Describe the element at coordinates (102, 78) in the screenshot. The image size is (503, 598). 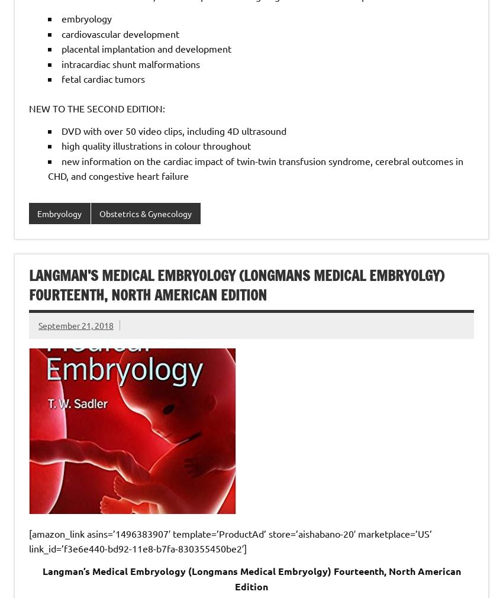
I see `'fetal cardiac tumors'` at that location.